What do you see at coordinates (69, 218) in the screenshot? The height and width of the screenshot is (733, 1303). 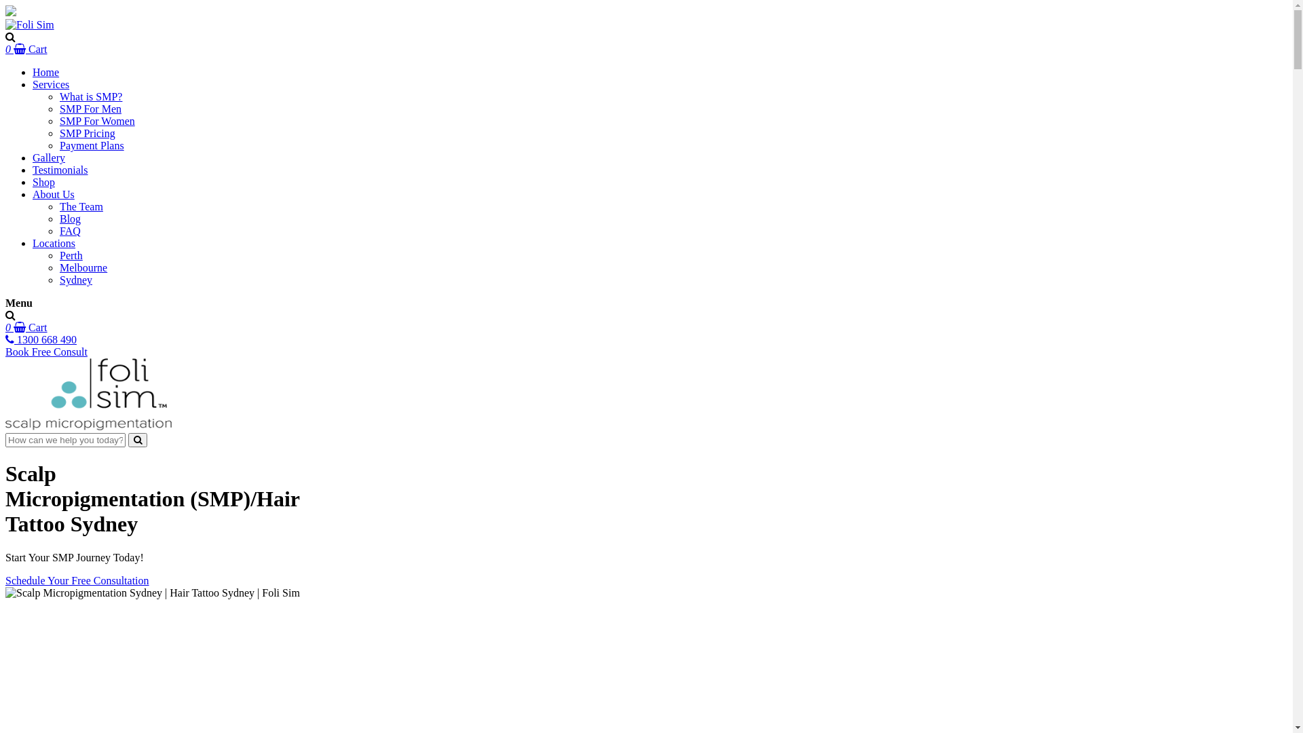 I see `'Blog'` at bounding box center [69, 218].